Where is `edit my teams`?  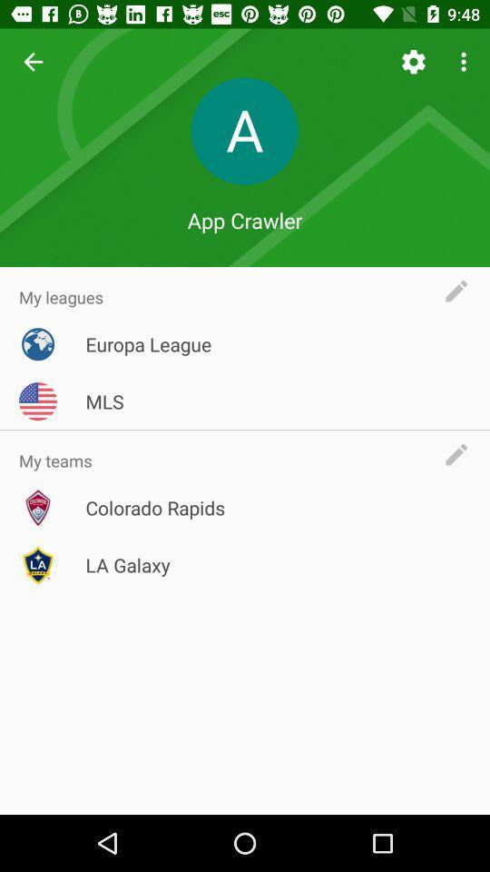
edit my teams is located at coordinates (461, 453).